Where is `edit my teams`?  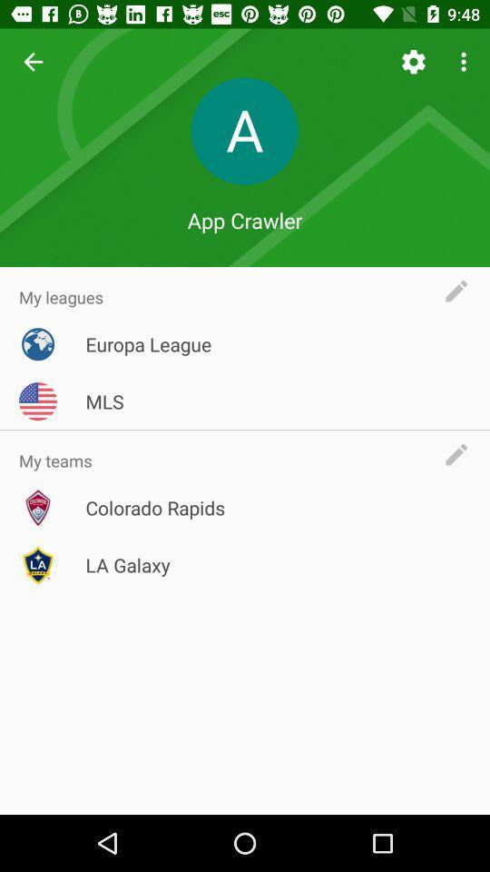
edit my teams is located at coordinates (461, 453).